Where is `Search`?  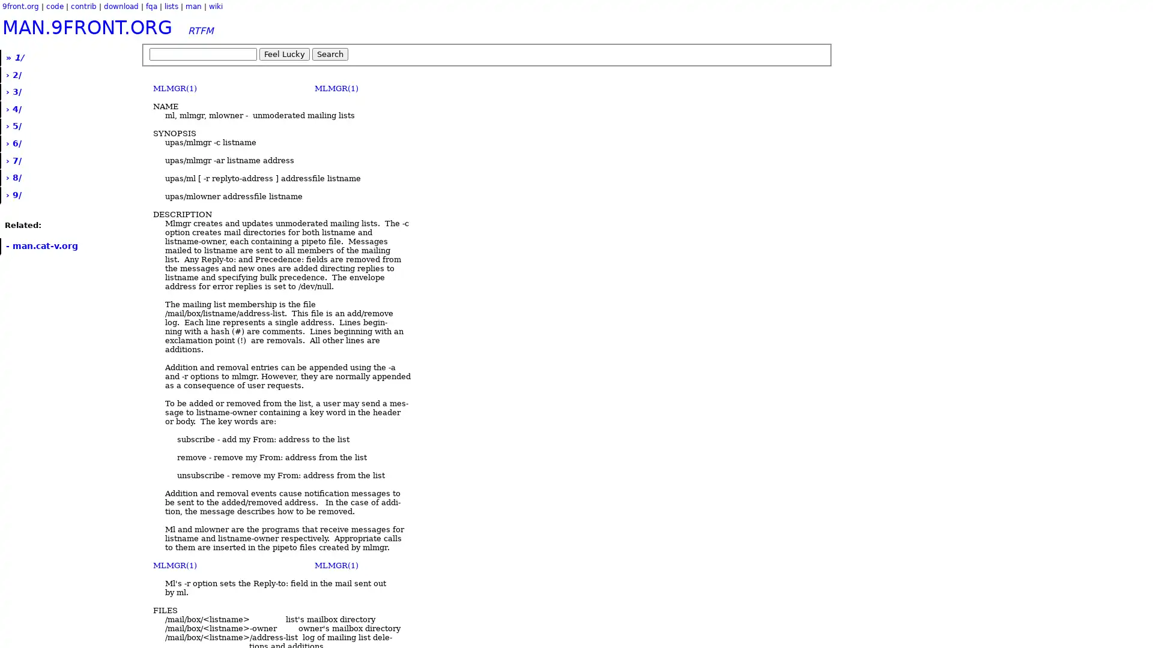 Search is located at coordinates (330, 54).